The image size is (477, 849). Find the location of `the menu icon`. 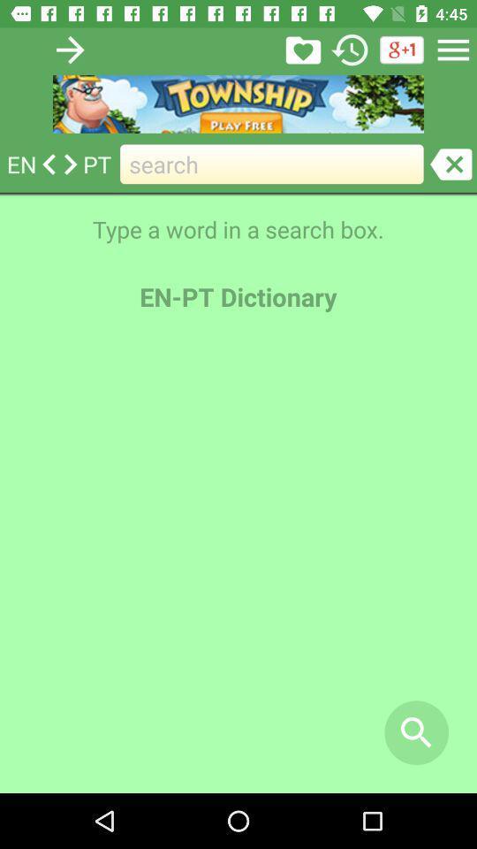

the menu icon is located at coordinates (453, 49).